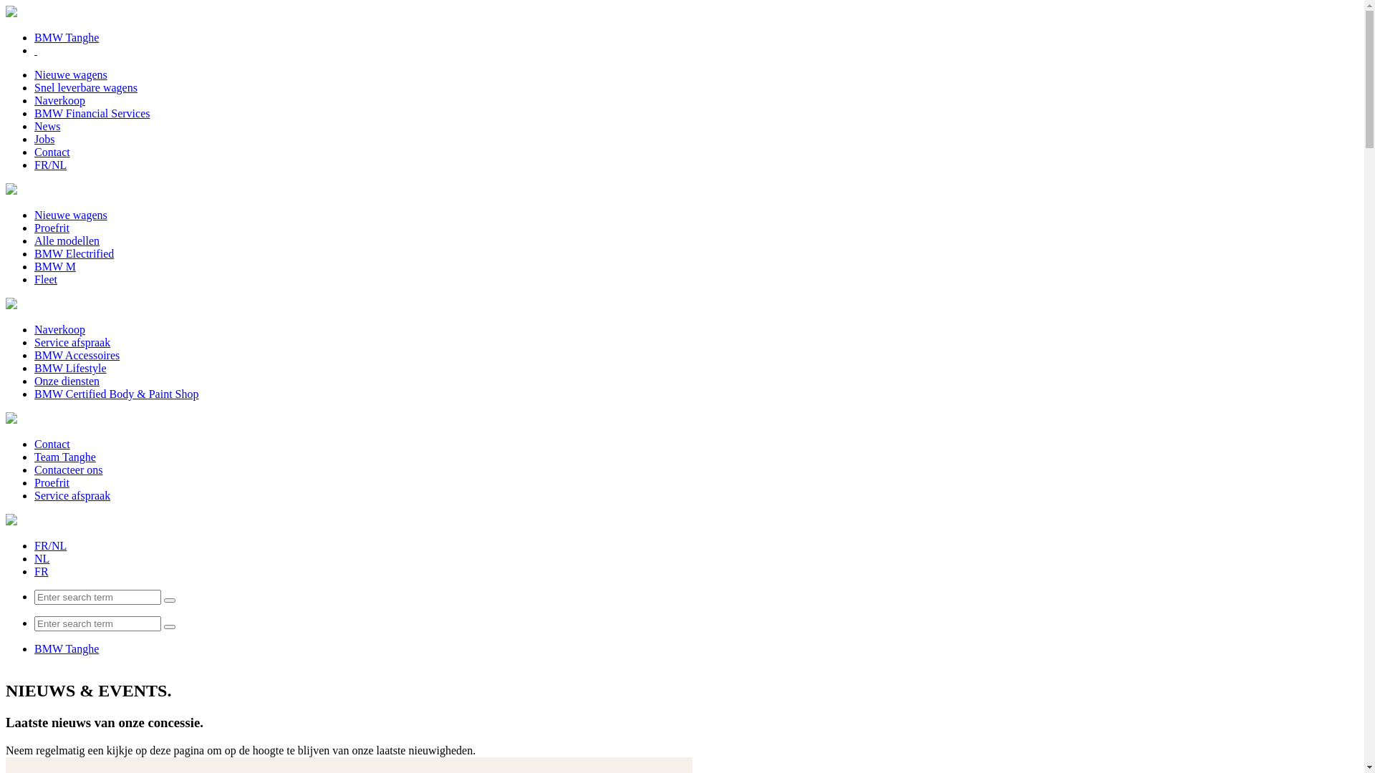 The image size is (1375, 773). What do you see at coordinates (47, 125) in the screenshot?
I see `'News'` at bounding box center [47, 125].